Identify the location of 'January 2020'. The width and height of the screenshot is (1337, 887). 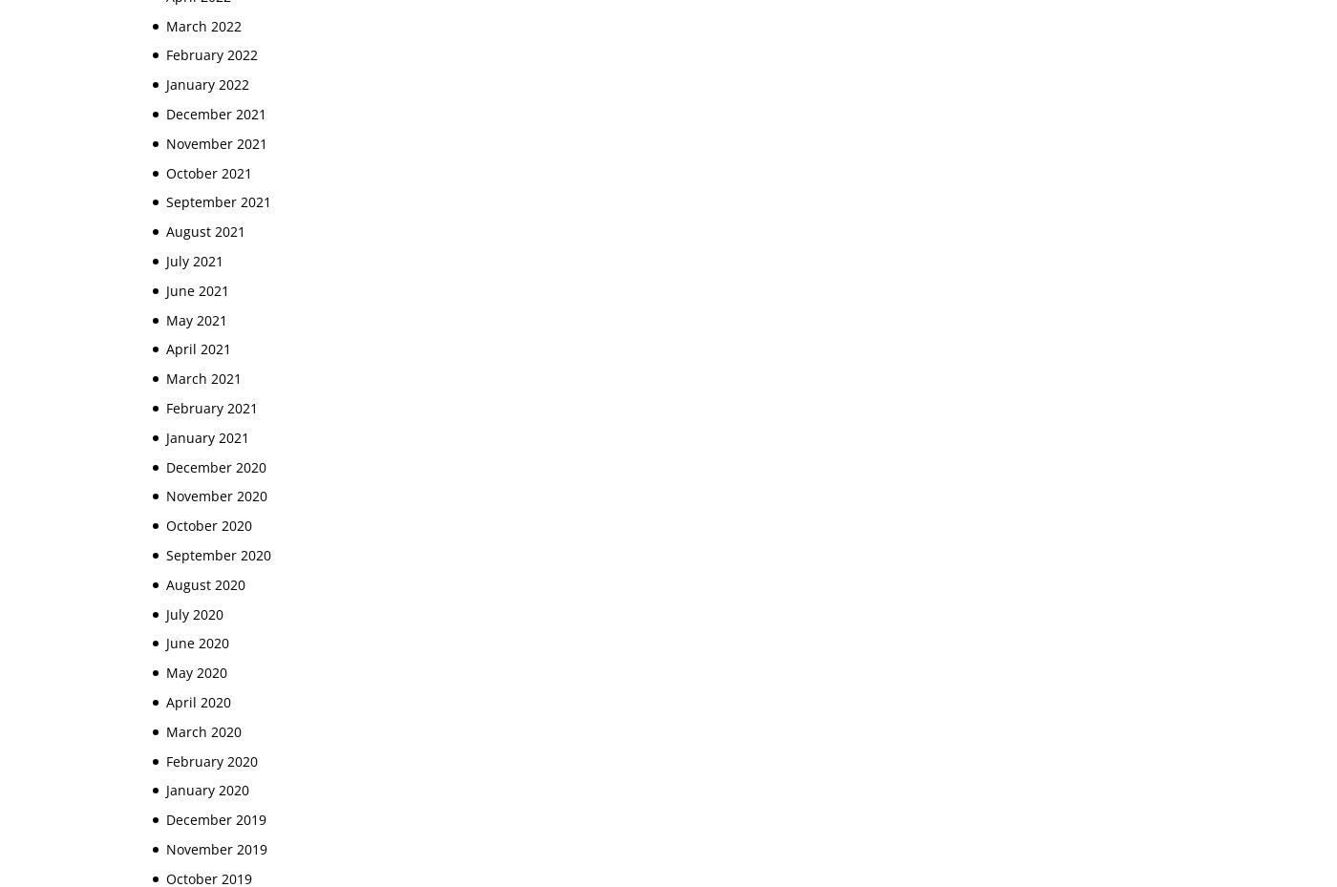
(166, 789).